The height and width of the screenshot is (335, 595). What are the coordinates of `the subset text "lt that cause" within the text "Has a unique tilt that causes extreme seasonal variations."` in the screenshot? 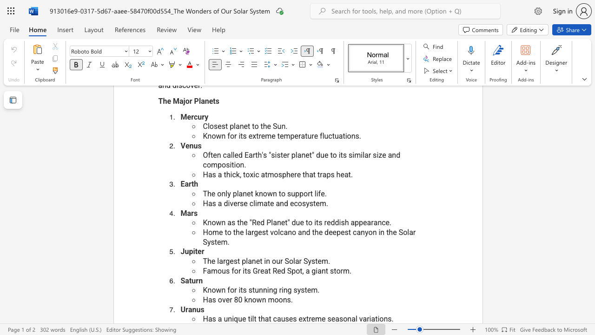 It's located at (252, 318).